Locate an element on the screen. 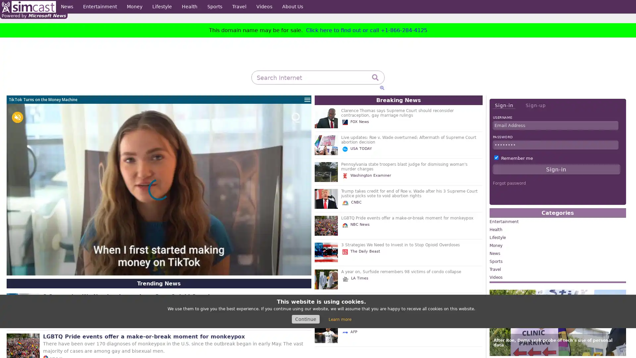  Sign-in is located at coordinates (556, 169).